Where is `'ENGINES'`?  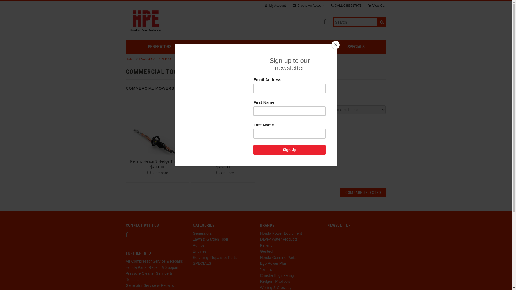 'ENGINES' is located at coordinates (267, 46).